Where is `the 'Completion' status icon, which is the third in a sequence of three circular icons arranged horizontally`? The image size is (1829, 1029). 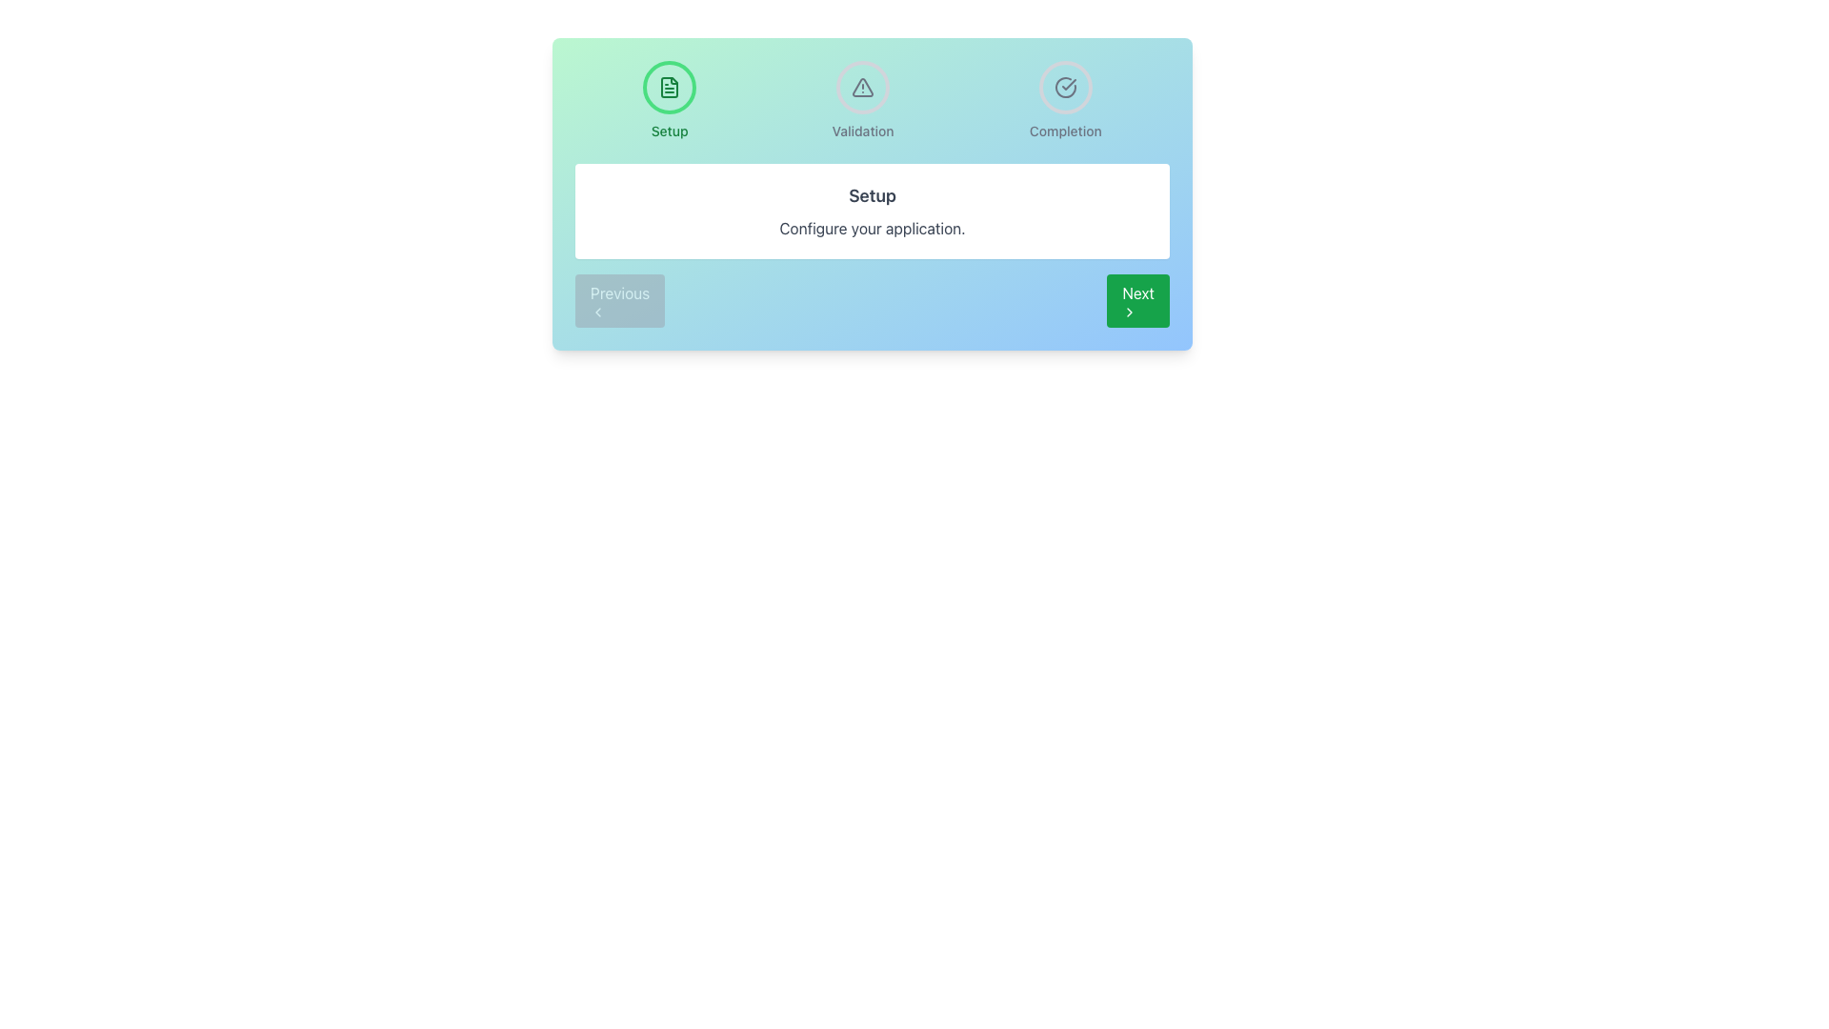 the 'Completion' status icon, which is the third in a sequence of three circular icons arranged horizontally is located at coordinates (1064, 88).